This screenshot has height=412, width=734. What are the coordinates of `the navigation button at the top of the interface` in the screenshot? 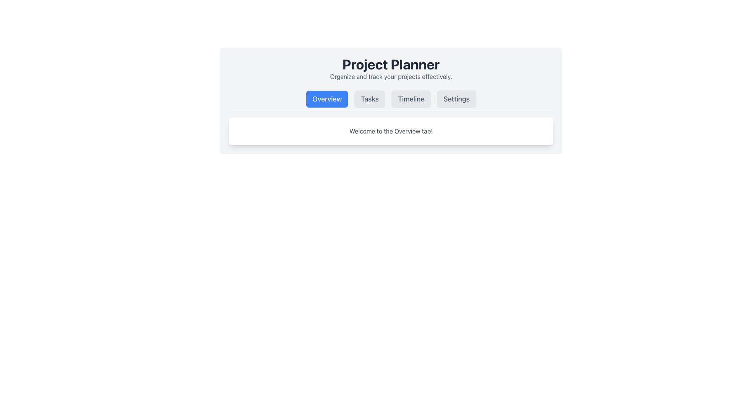 It's located at (327, 98).